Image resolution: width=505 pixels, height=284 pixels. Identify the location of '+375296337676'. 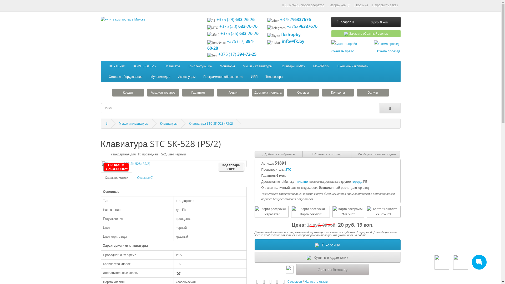
(280, 19).